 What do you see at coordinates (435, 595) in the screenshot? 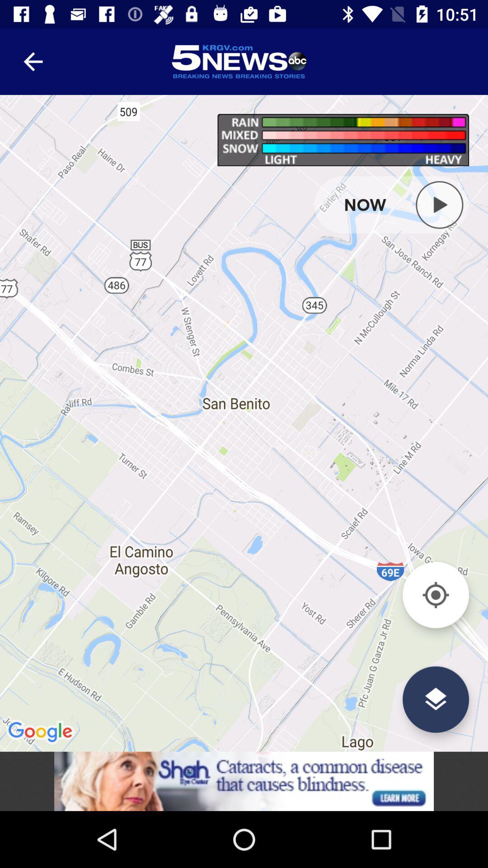
I see `the location_crosshair icon` at bounding box center [435, 595].